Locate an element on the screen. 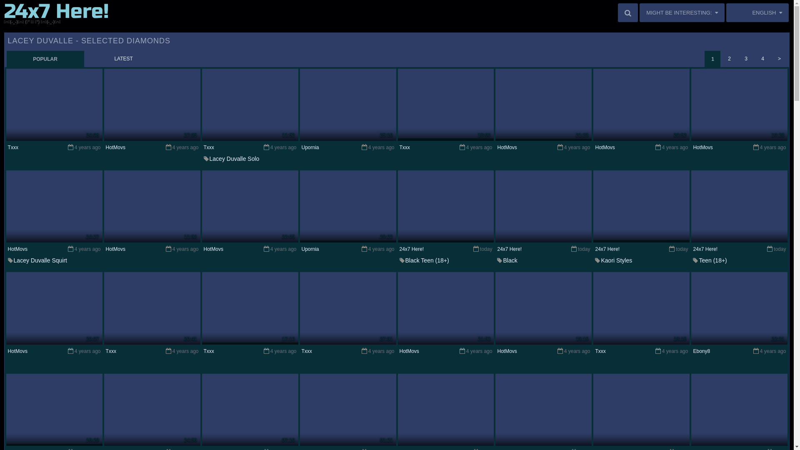  'Lacey Duvalle Solo' is located at coordinates (234, 159).